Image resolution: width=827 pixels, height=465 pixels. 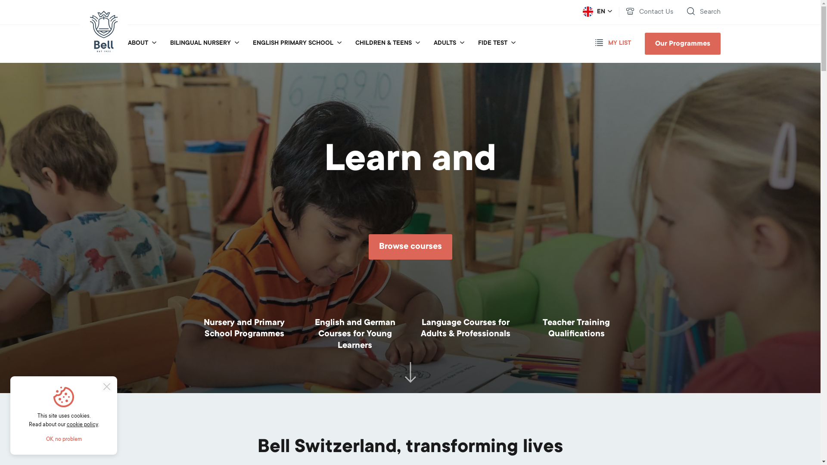 What do you see at coordinates (198, 329) in the screenshot?
I see `'Nursery and Primary School Programmes'` at bounding box center [198, 329].